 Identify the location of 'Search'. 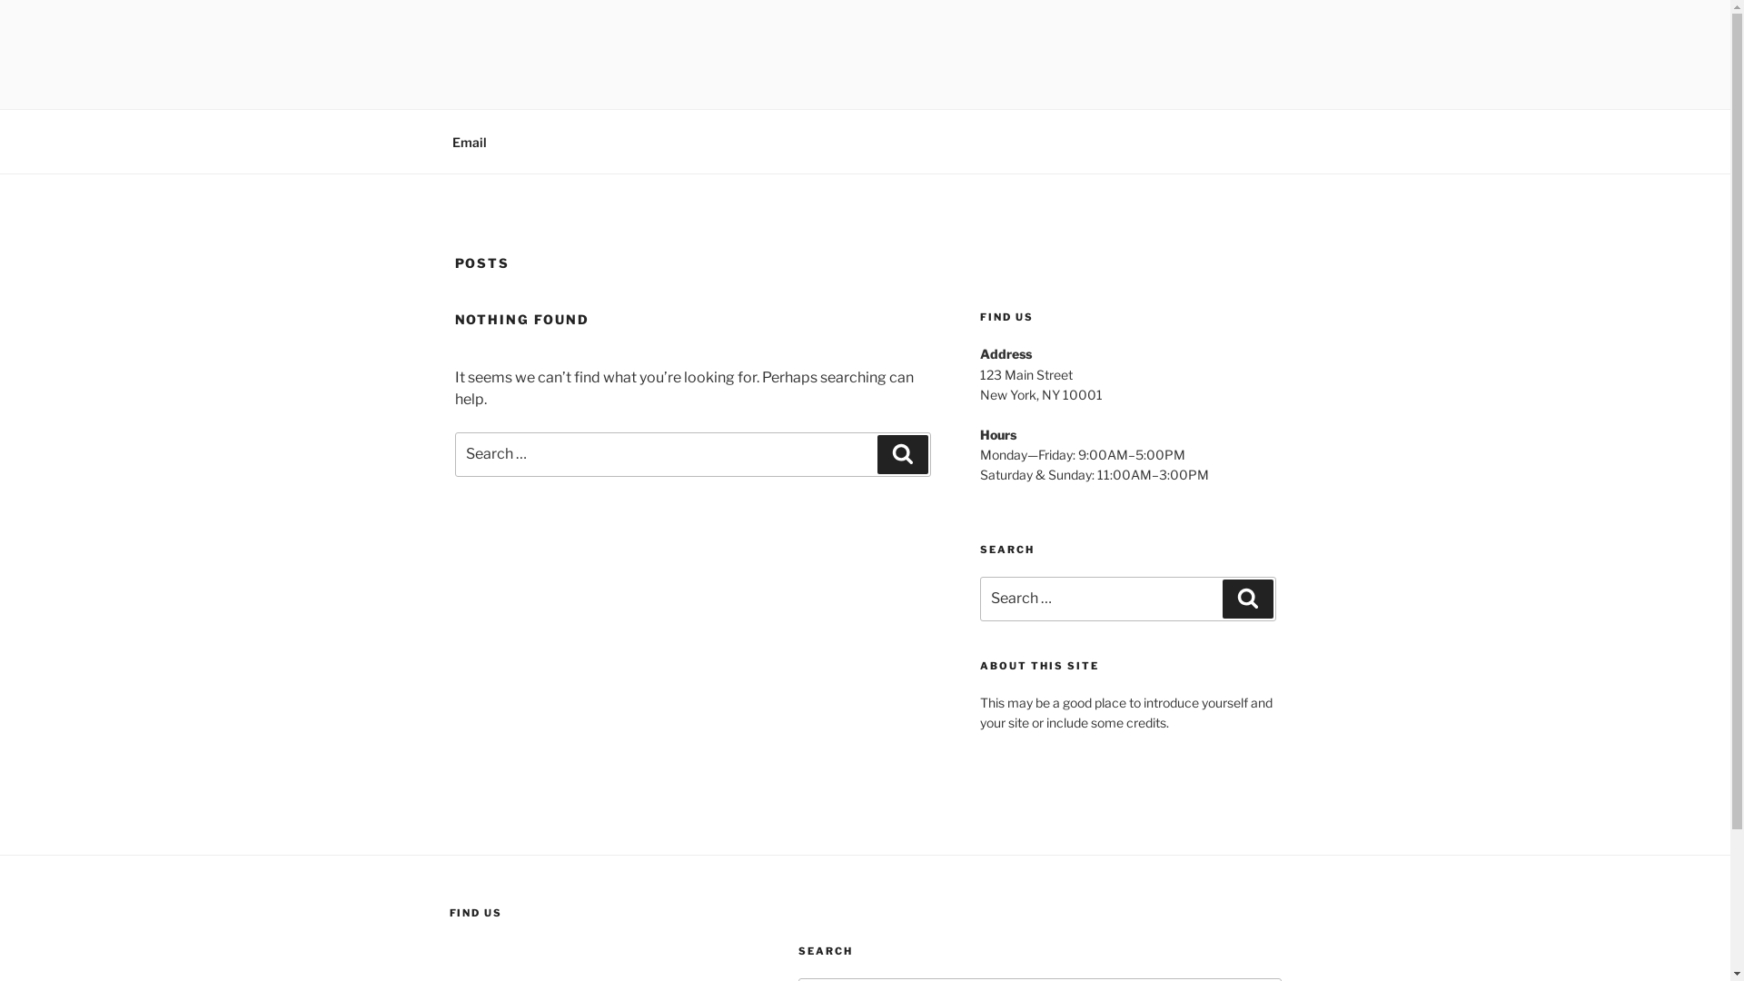
(902, 453).